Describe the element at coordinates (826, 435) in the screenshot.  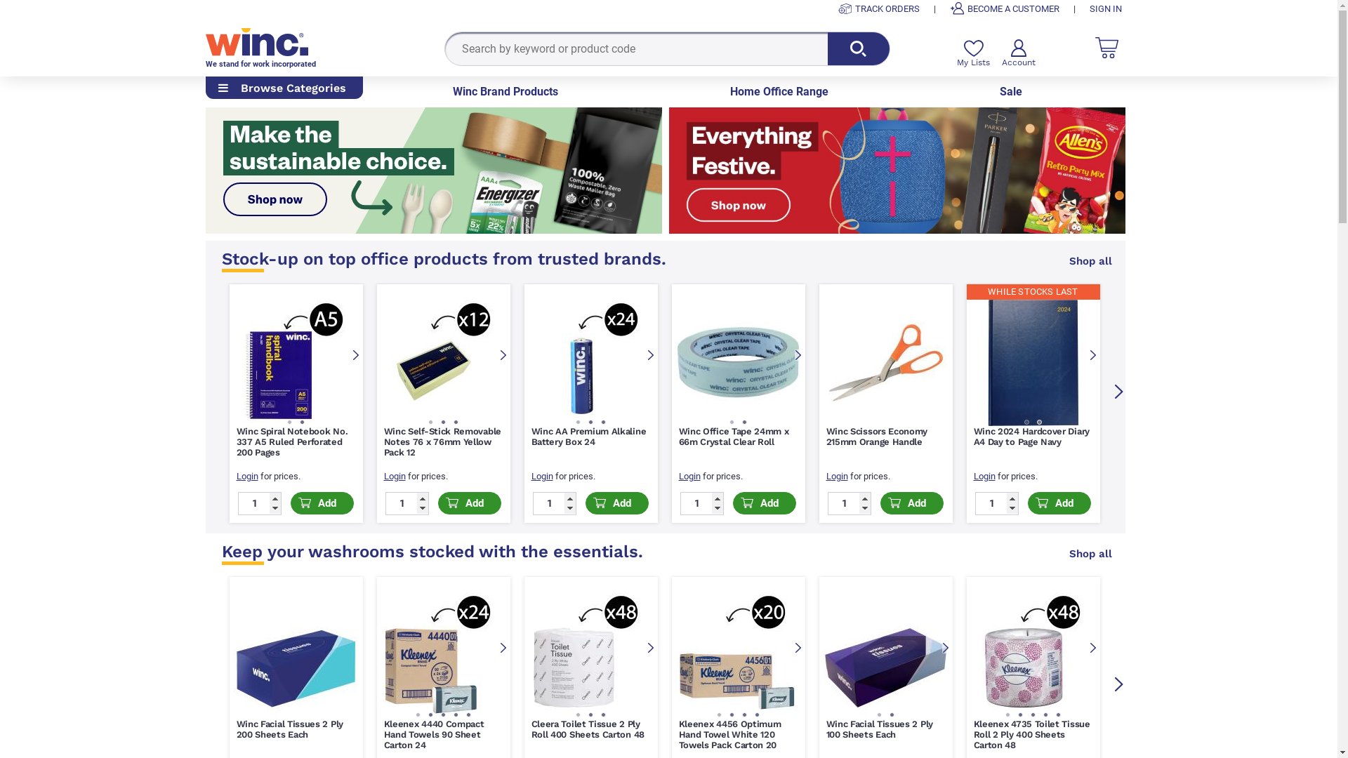
I see `'Winc Scissors Economy 215mm Orange Handle'` at that location.